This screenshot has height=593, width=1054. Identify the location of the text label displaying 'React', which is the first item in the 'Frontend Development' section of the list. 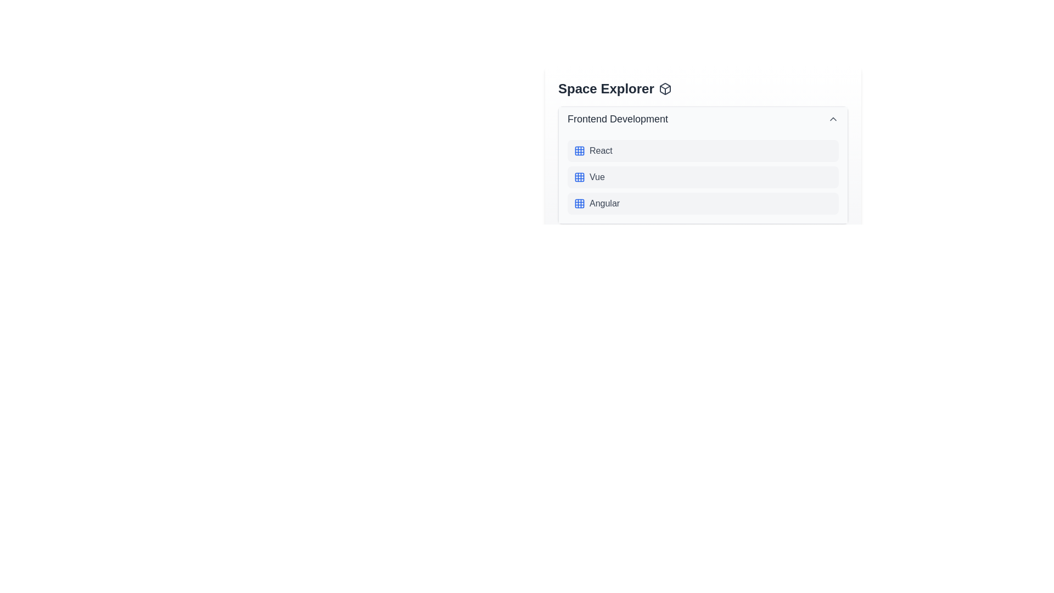
(600, 150).